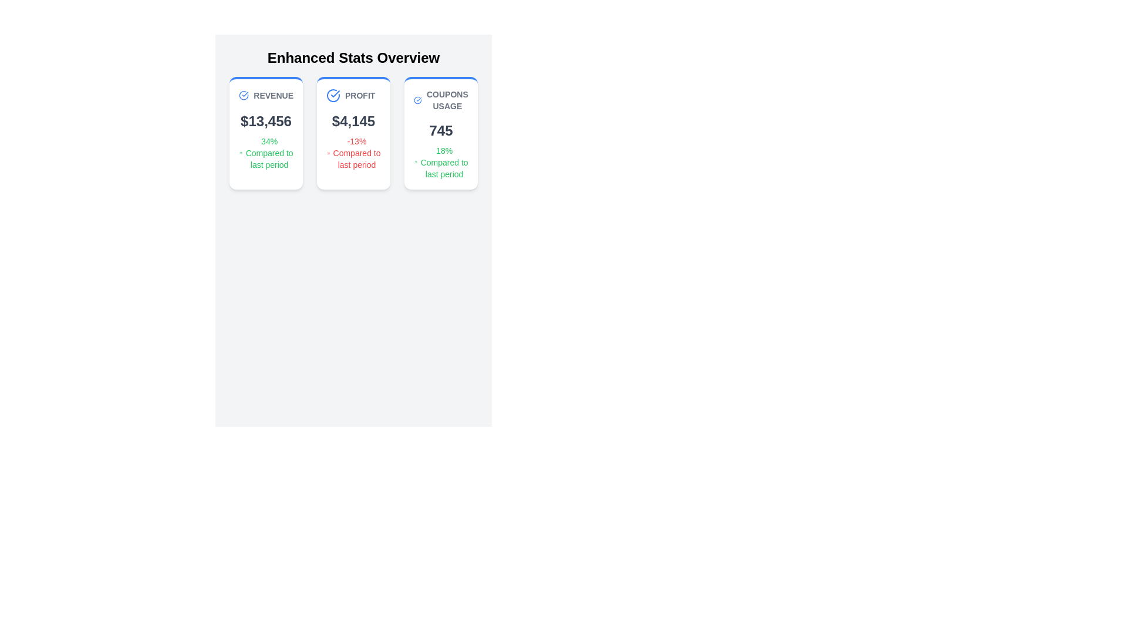 Image resolution: width=1127 pixels, height=634 pixels. Describe the element at coordinates (265, 133) in the screenshot. I see `revenue statistics displayed on the Information card, which is the first card on the left in the grid layout` at that location.